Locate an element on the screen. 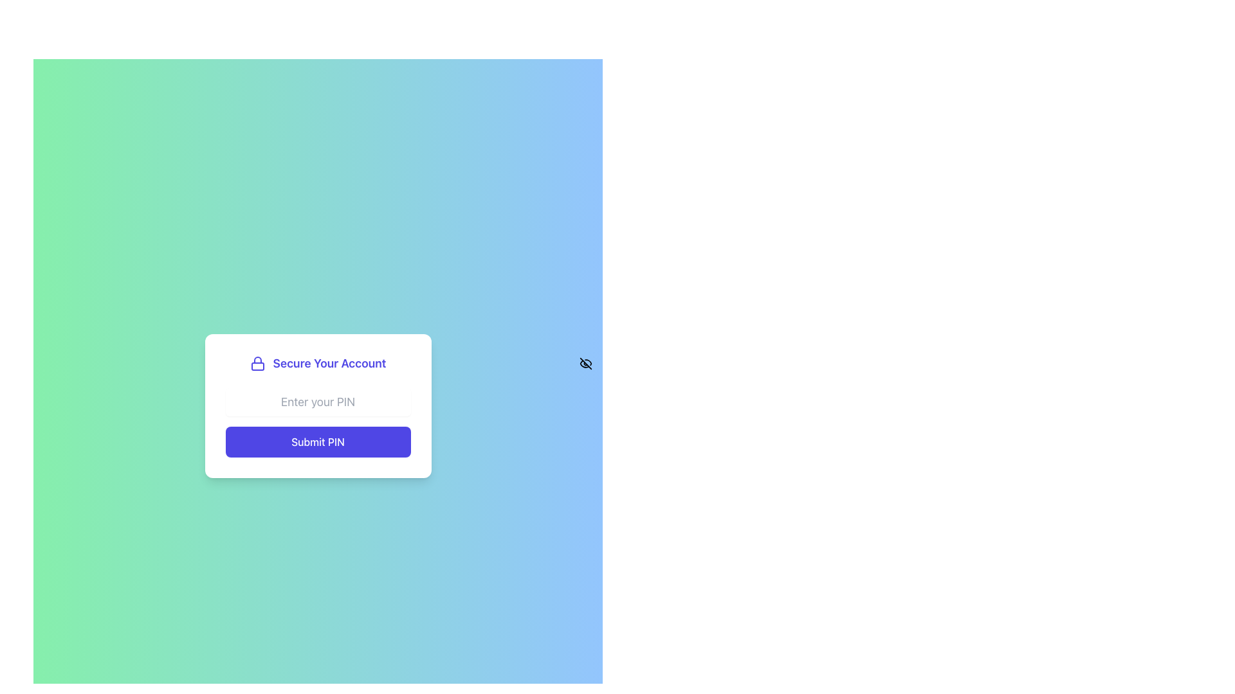 This screenshot has width=1235, height=694. the Text with Icon that features a lock icon and the bold text 'Secure Your Account', which is prominently displayed in indigo color near the upper section of a card is located at coordinates (318, 364).